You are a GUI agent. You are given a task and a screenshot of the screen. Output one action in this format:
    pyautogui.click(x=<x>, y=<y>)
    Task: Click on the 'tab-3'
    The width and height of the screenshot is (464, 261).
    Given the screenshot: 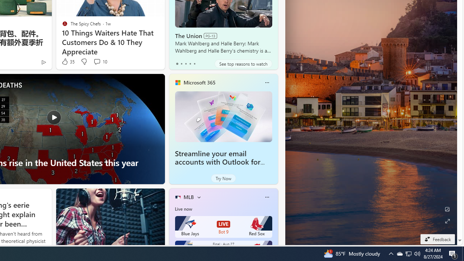 What is the action you would take?
    pyautogui.click(x=190, y=63)
    